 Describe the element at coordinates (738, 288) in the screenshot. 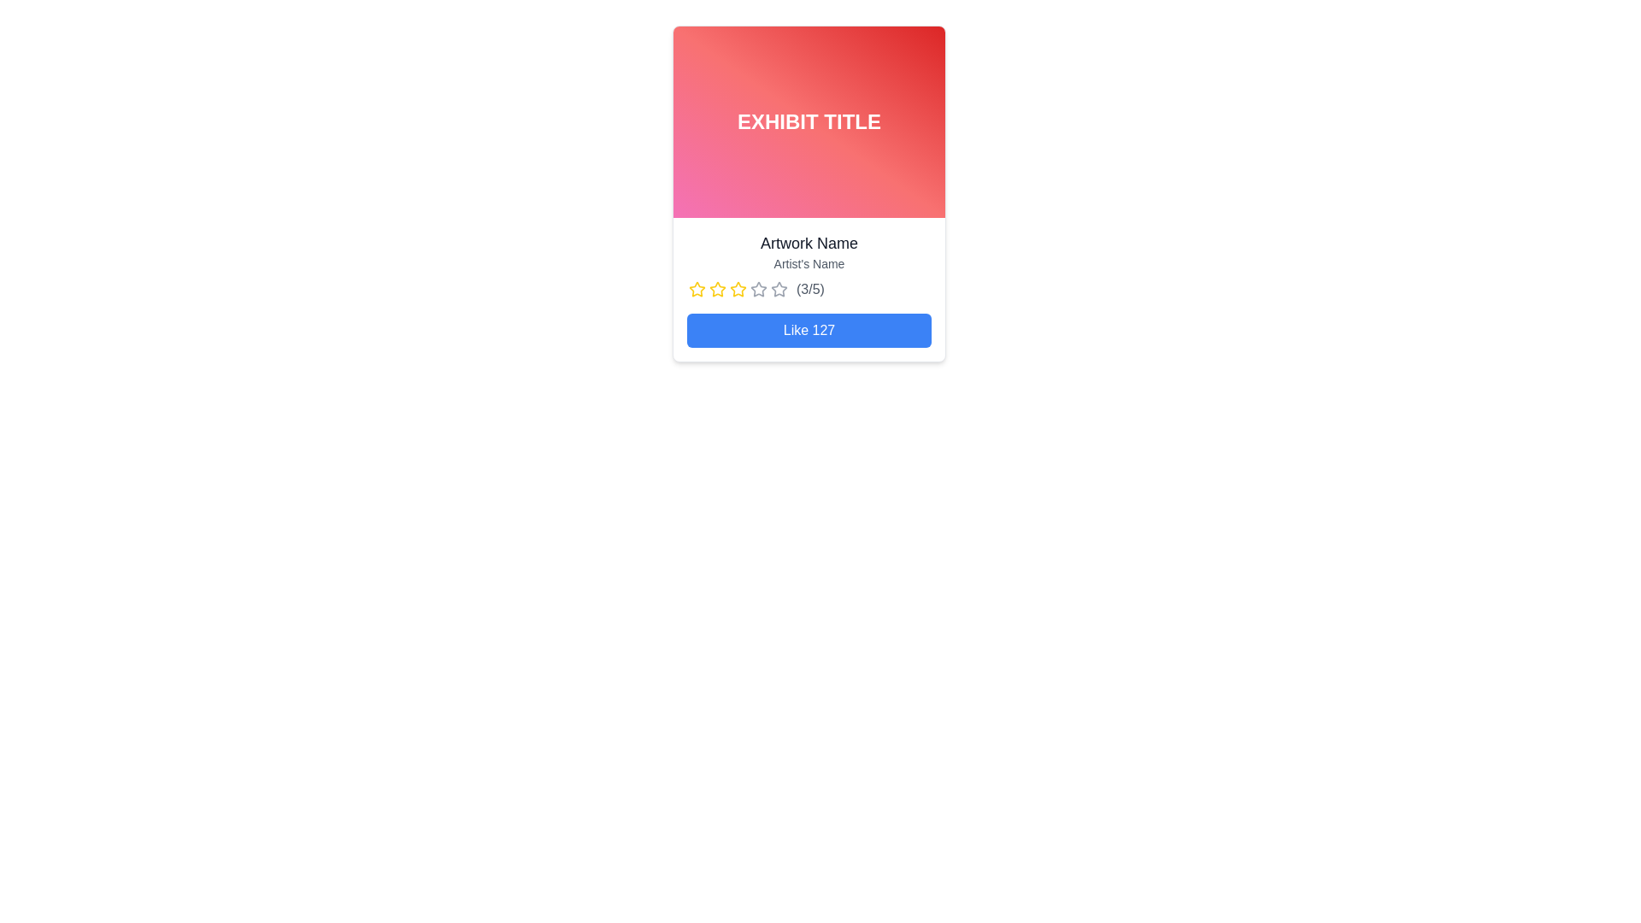

I see `the third five-pointed star icon with a yellow border and white fill, located under 'Artwork Name, Artist’s Name' and to the left of '(3/5)'` at that location.